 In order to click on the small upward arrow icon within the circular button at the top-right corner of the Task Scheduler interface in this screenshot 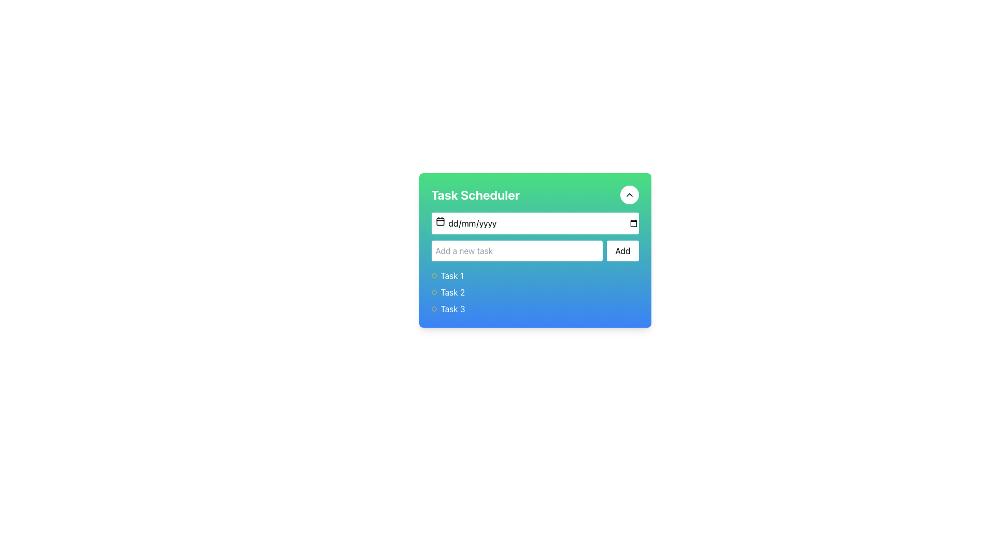, I will do `click(629, 194)`.